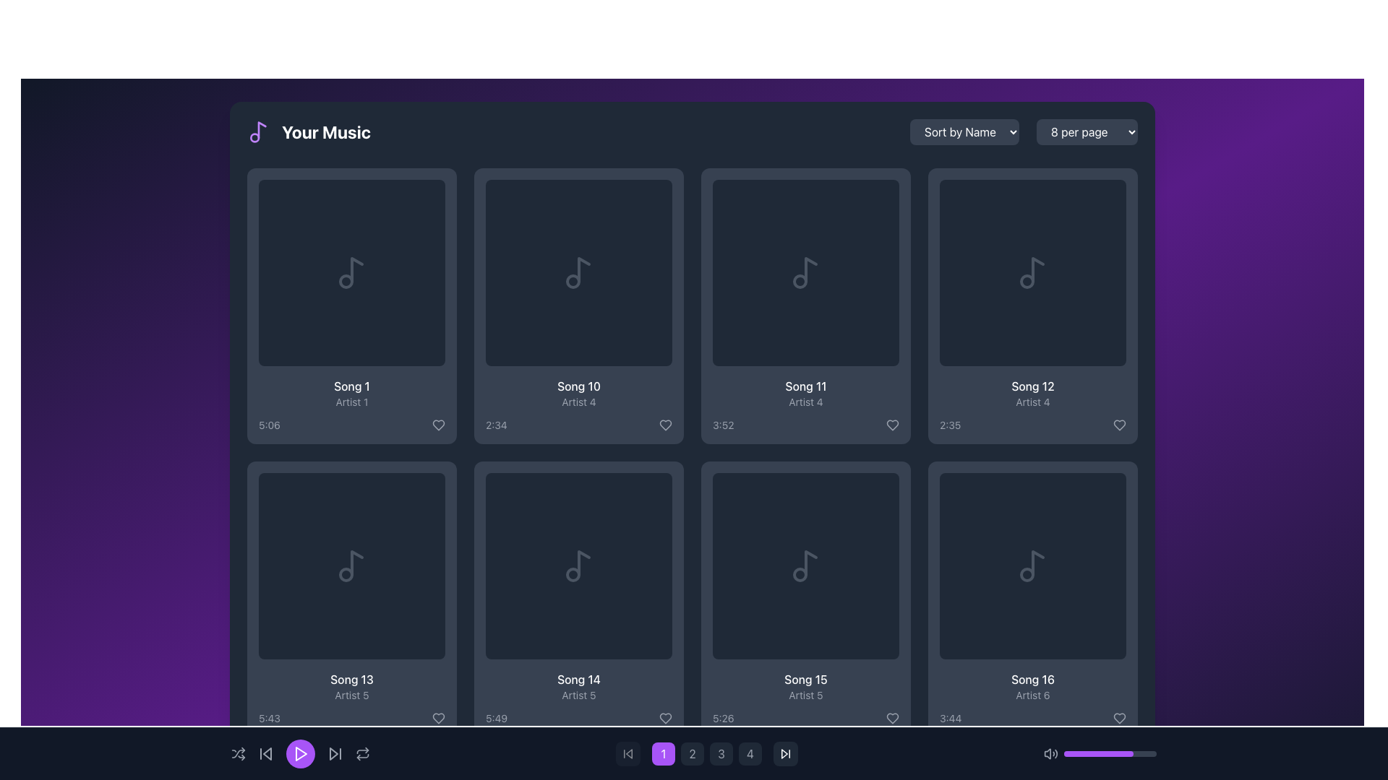  I want to click on the circular purple button with a play icon located centrally in the Song 11 card group over the album art area, so click(805, 273).